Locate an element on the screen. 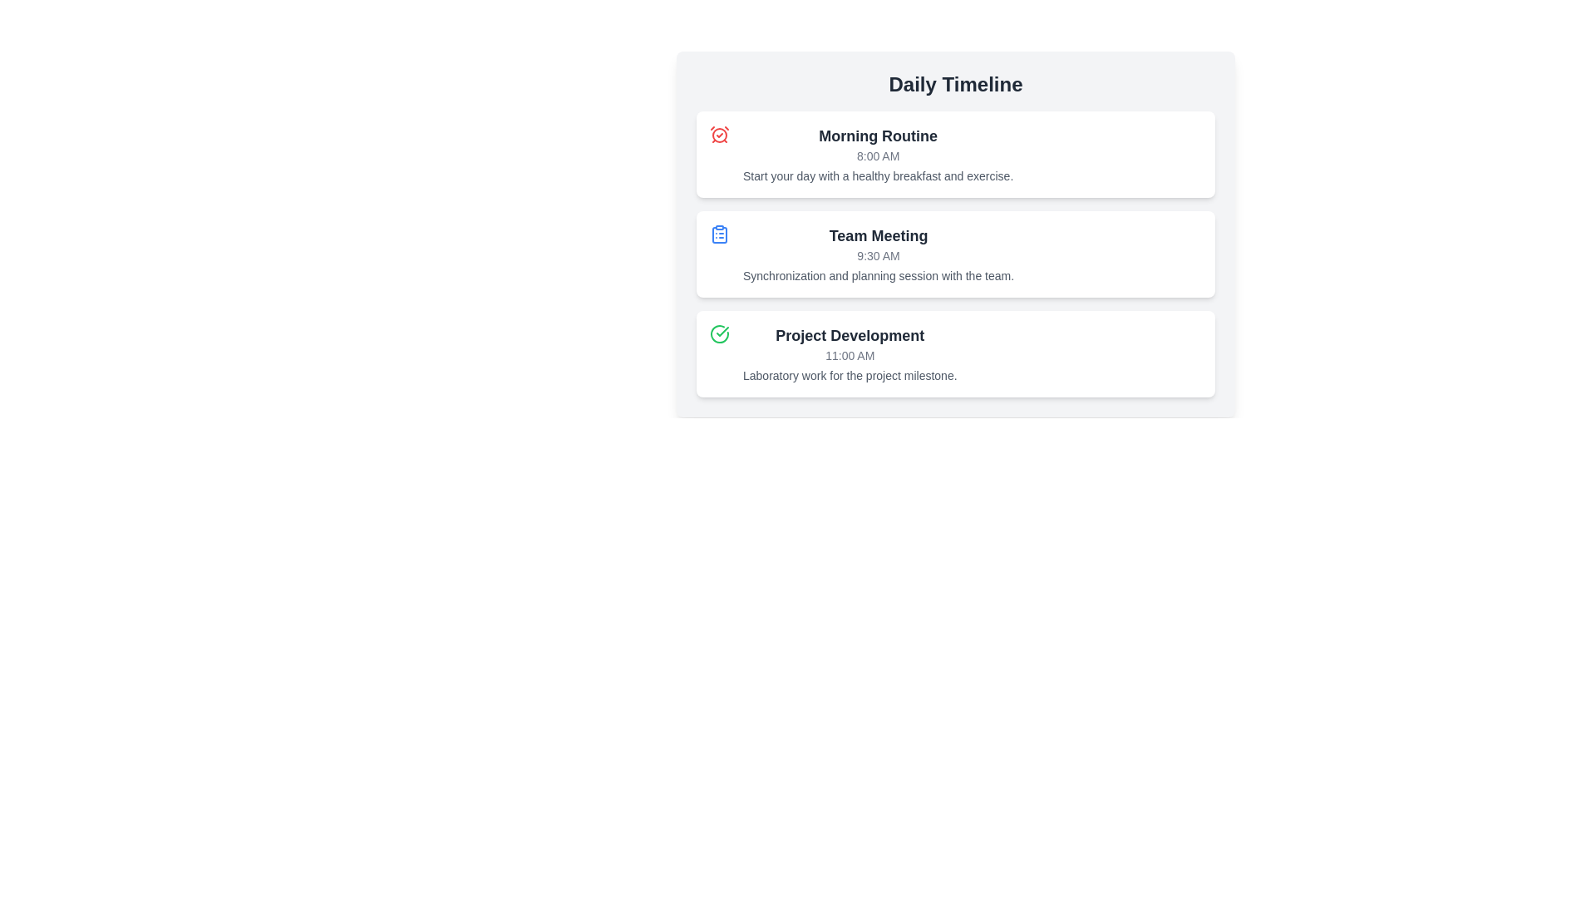 The height and width of the screenshot is (898, 1596). the text label indicating the scheduled time of the associated event under the 'Team Meeting' block is located at coordinates (877, 256).